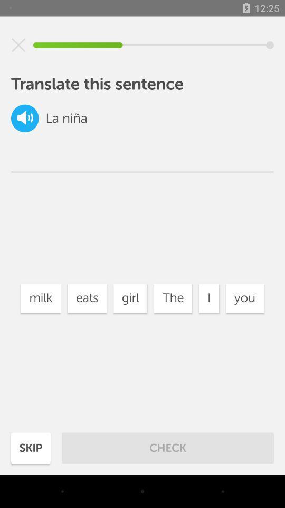  What do you see at coordinates (18, 45) in the screenshot?
I see `close` at bounding box center [18, 45].